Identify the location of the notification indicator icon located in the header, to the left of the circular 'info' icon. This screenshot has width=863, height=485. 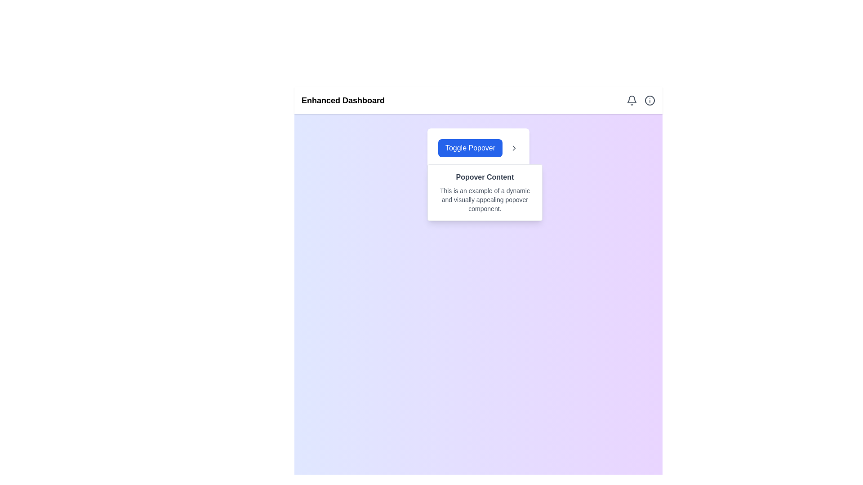
(632, 99).